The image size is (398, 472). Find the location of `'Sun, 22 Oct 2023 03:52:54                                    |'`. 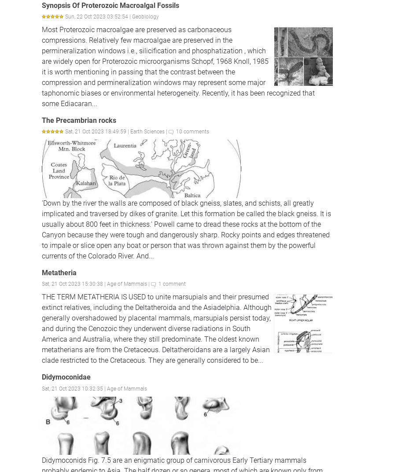

'Sun, 22 Oct 2023 03:52:54                                    |' is located at coordinates (99, 15).